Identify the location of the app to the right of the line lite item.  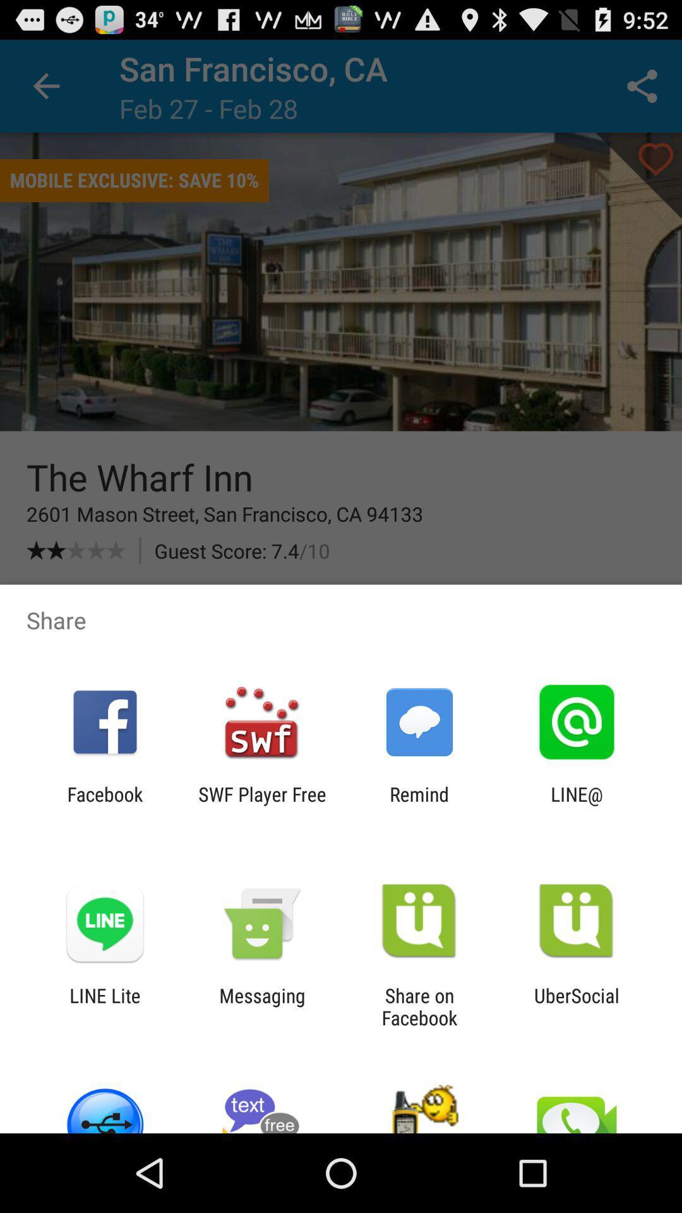
(261, 1006).